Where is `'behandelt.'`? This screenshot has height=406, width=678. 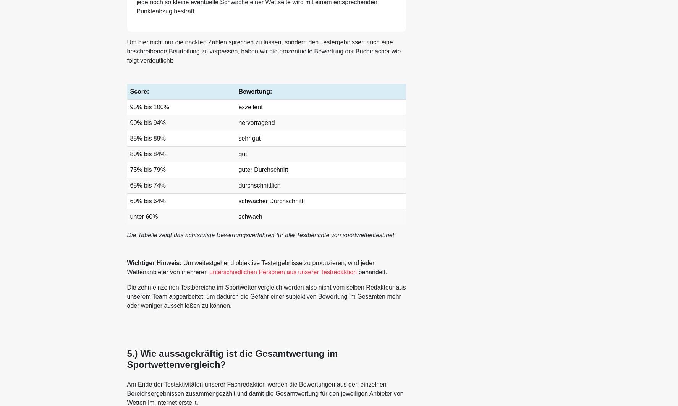
'behandelt.' is located at coordinates (371, 272).